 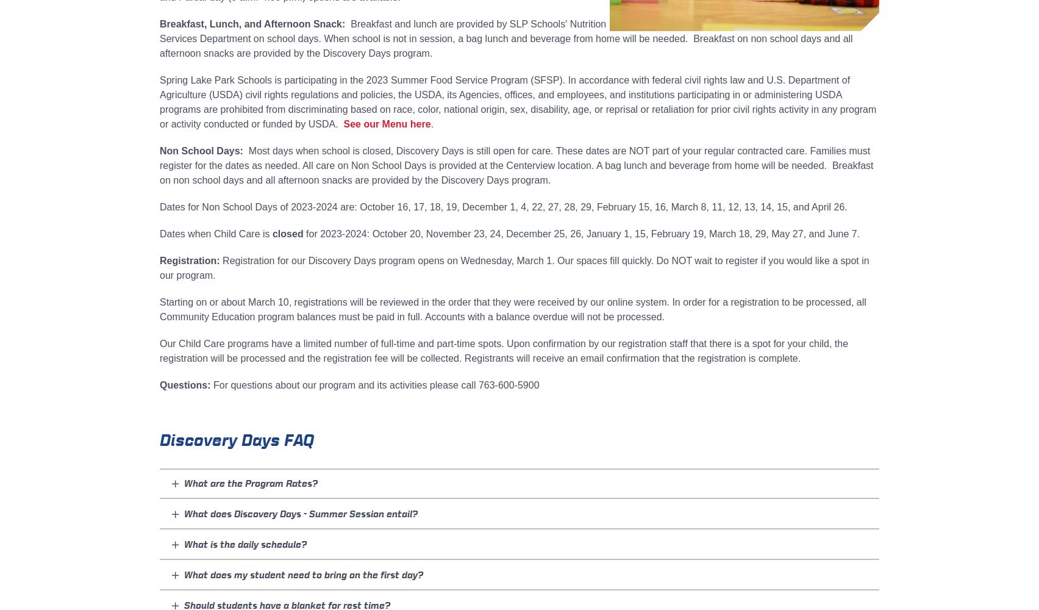 I want to click on 'Non School Days:', so click(x=202, y=150).